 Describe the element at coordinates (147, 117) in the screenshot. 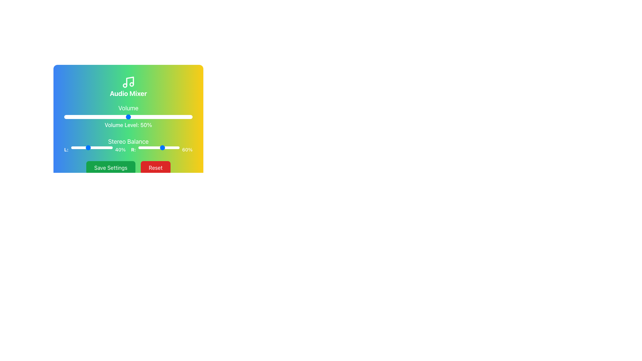

I see `the volume` at that location.